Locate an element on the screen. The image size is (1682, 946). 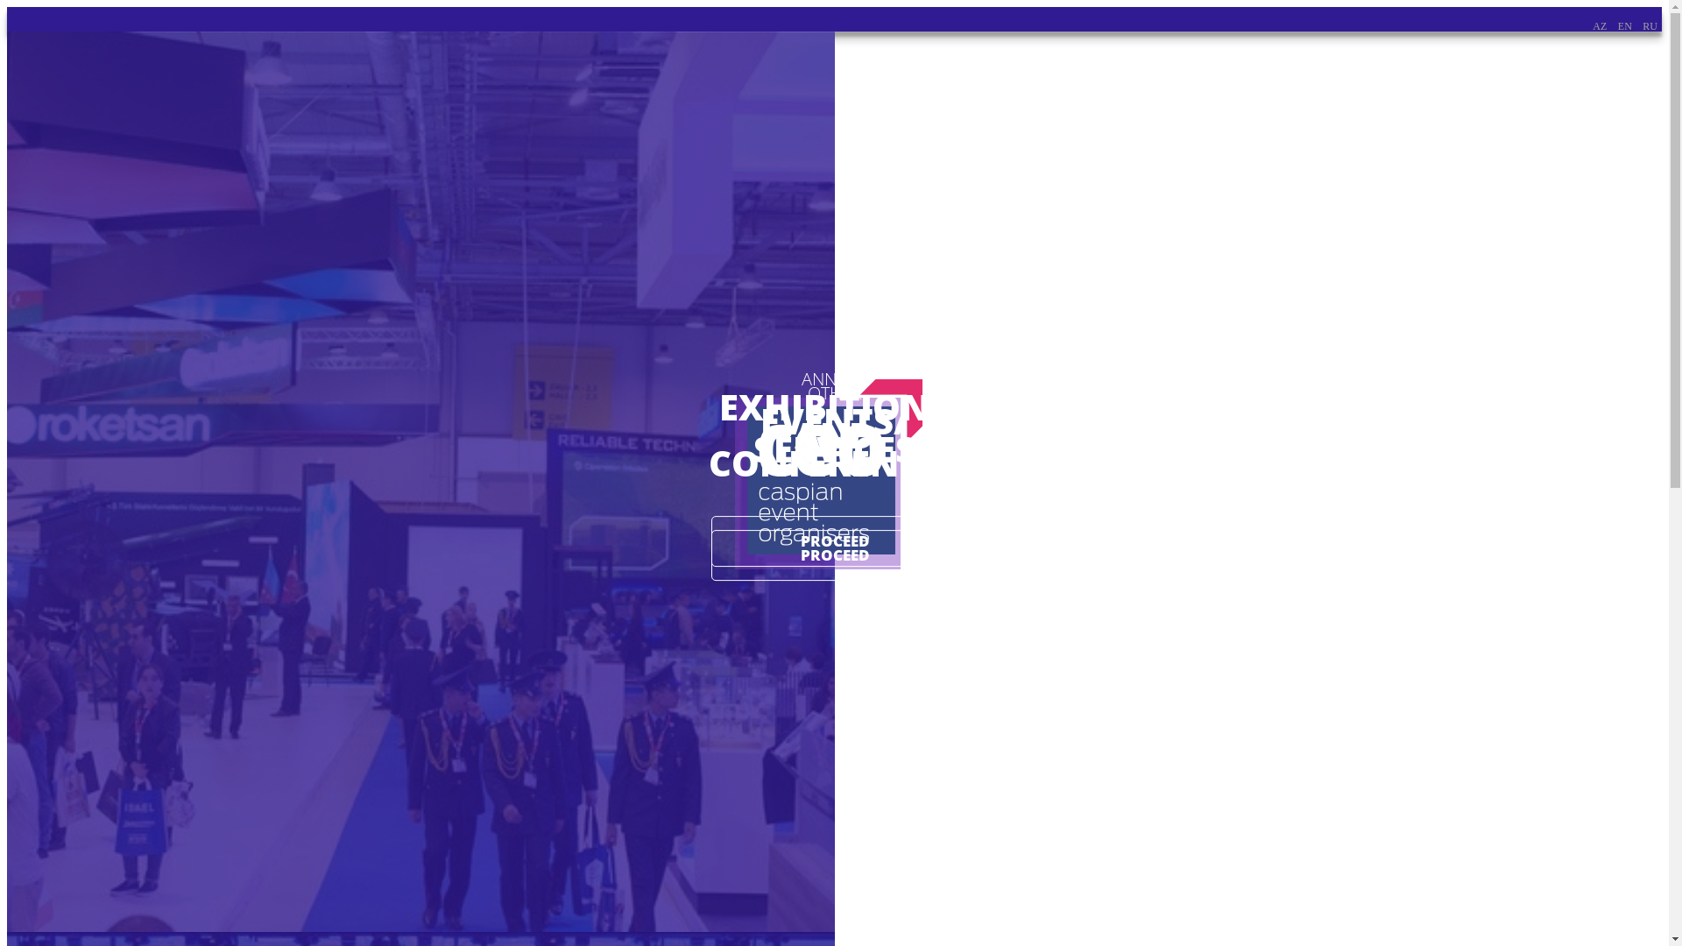
'AZ' is located at coordinates (1593, 26).